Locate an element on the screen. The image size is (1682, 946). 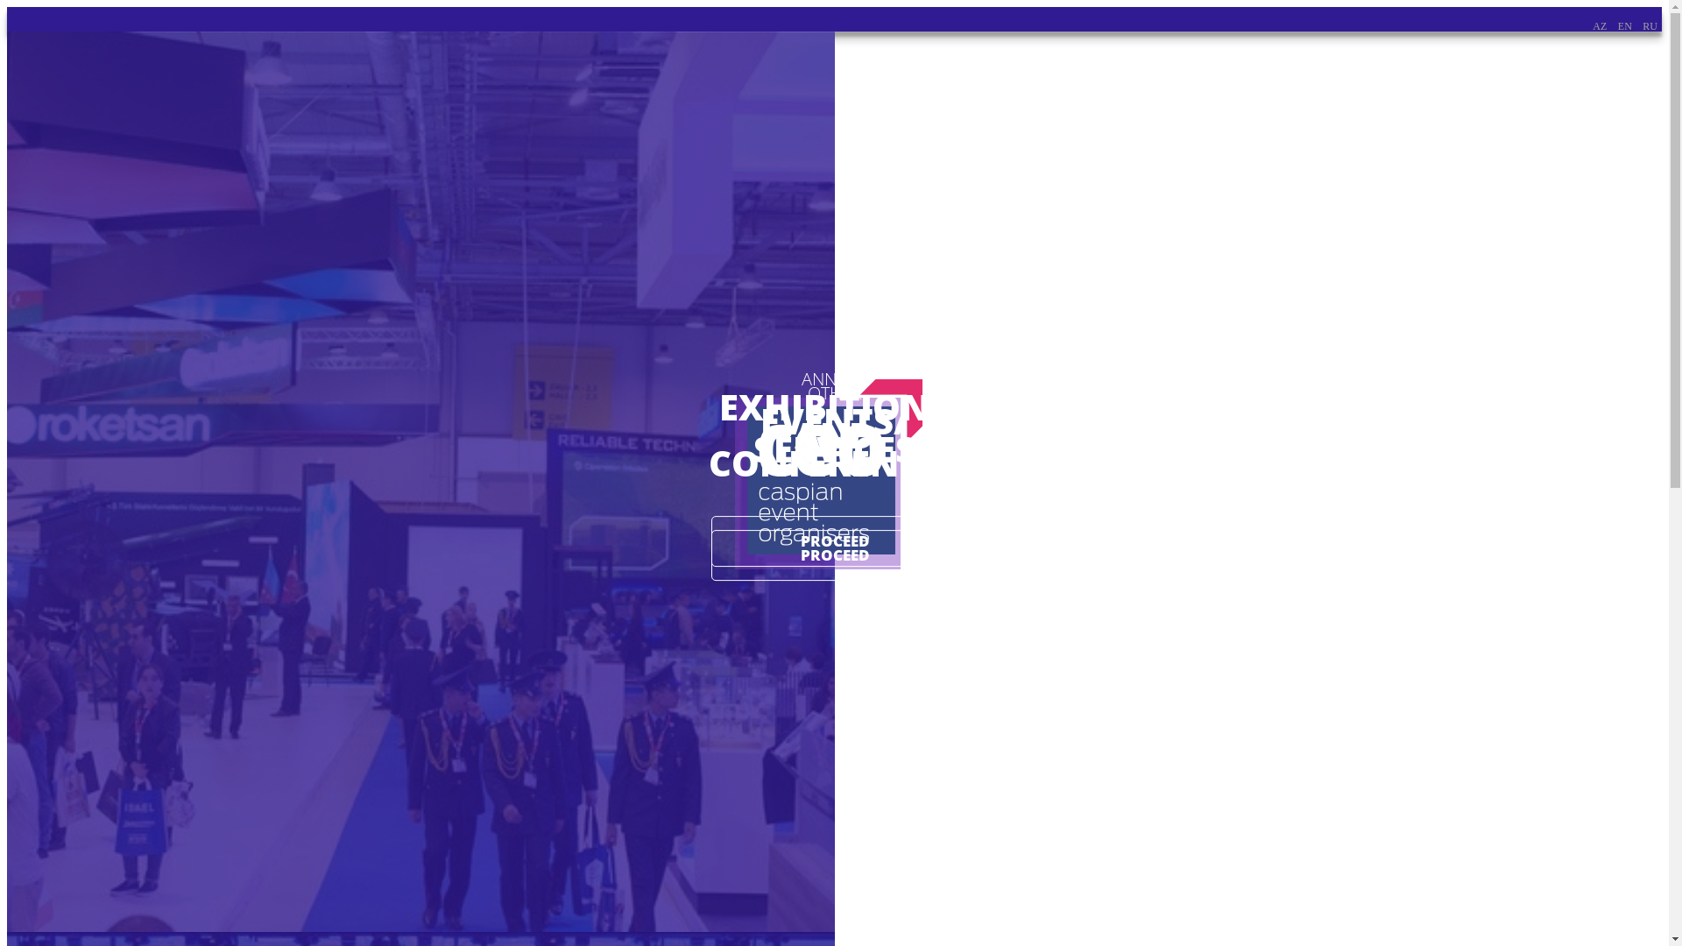
'AZ' is located at coordinates (1593, 26).